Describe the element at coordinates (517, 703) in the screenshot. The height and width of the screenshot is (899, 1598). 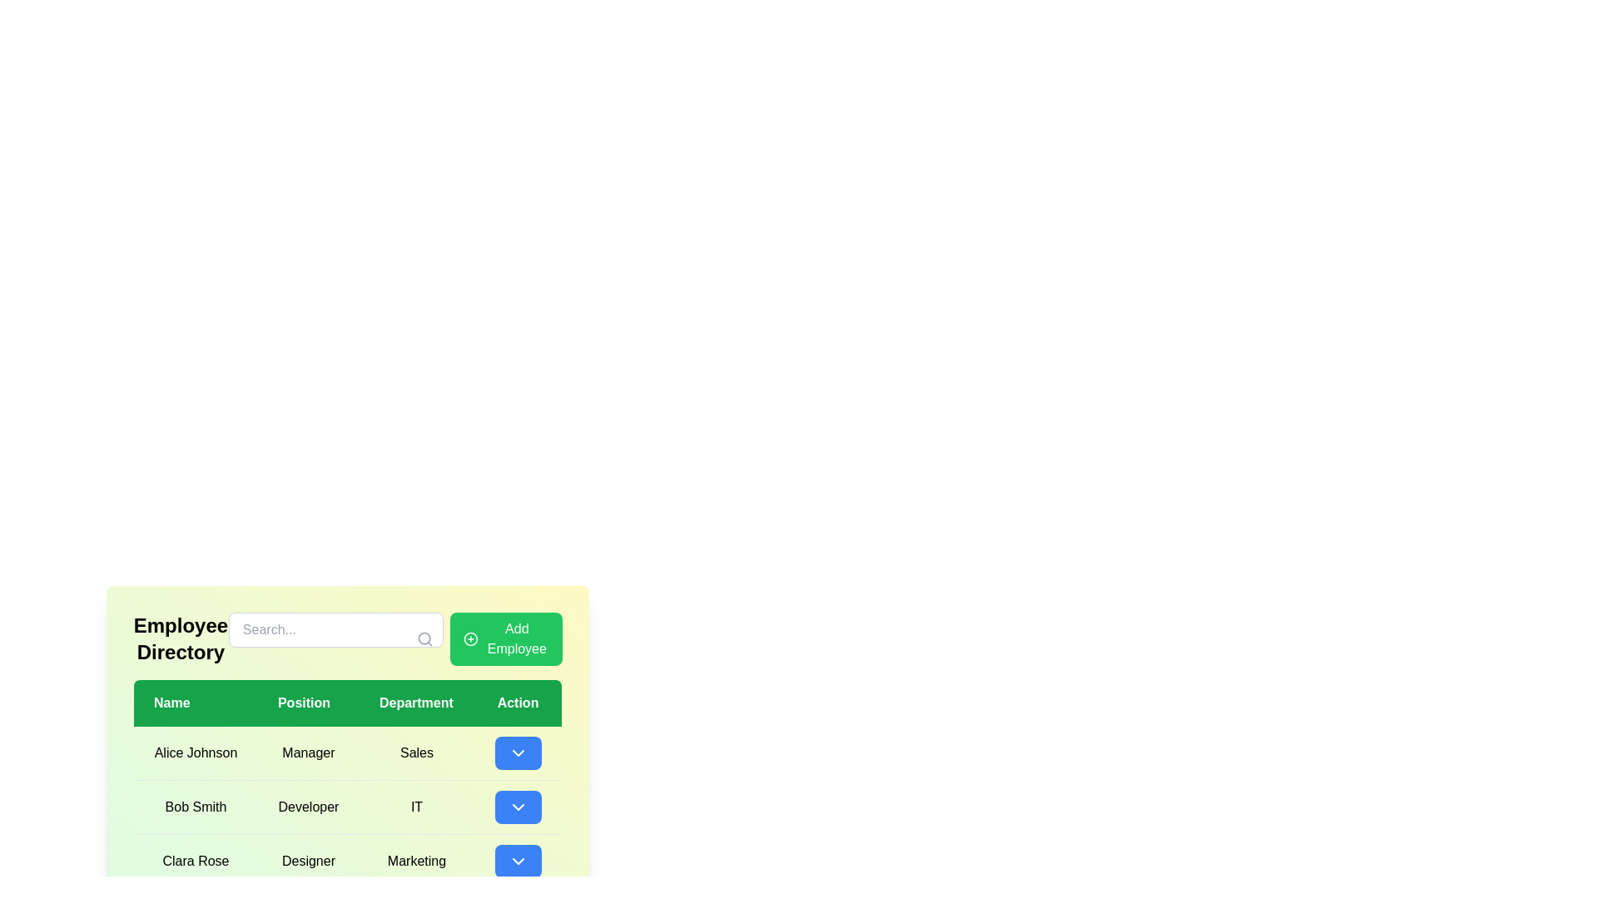
I see `text content of the Table Header Cell labeled 'Action', which is centered in white text on a green background` at that location.